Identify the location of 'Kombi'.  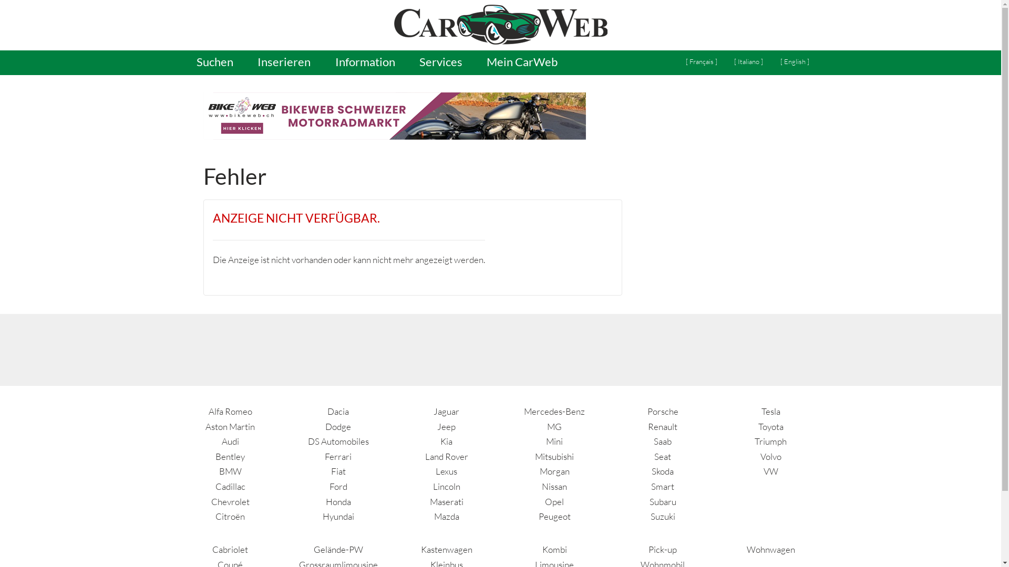
(542, 549).